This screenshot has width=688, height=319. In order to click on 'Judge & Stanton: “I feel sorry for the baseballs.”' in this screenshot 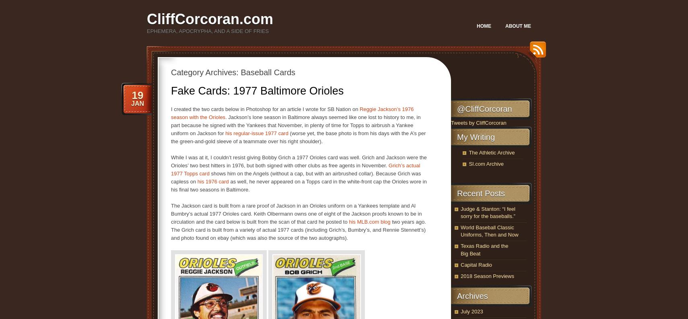, I will do `click(487, 212)`.